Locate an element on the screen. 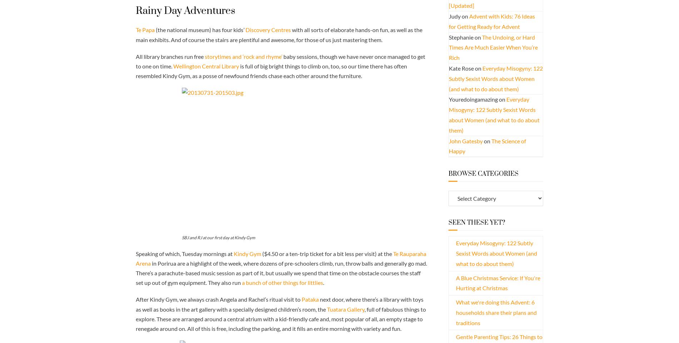 Image resolution: width=679 pixels, height=343 pixels. 'After Kindy Gym, we always crash Angela and Rachel’s ritual visit to' is located at coordinates (218, 299).